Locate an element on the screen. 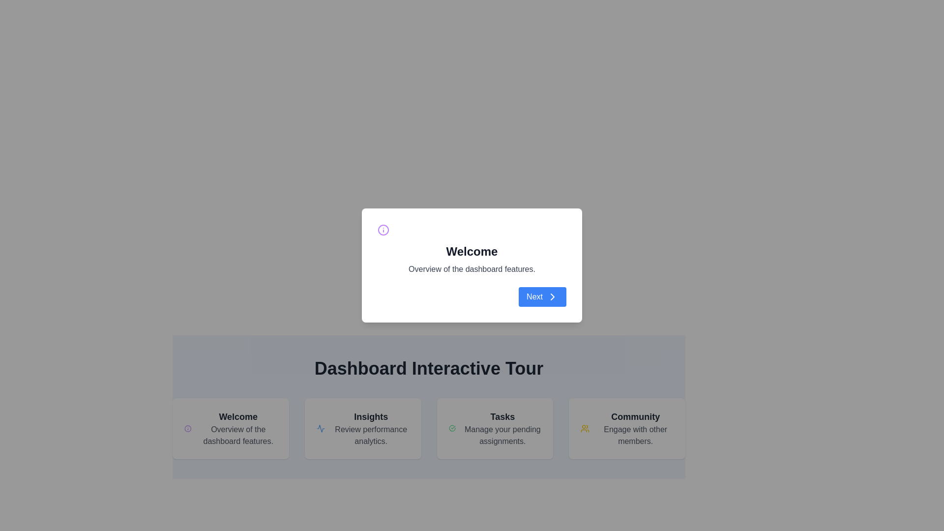 The width and height of the screenshot is (944, 531). the informational icon located at the top left of the modal dialog box above the 'Welcome' text is located at coordinates (383, 229).